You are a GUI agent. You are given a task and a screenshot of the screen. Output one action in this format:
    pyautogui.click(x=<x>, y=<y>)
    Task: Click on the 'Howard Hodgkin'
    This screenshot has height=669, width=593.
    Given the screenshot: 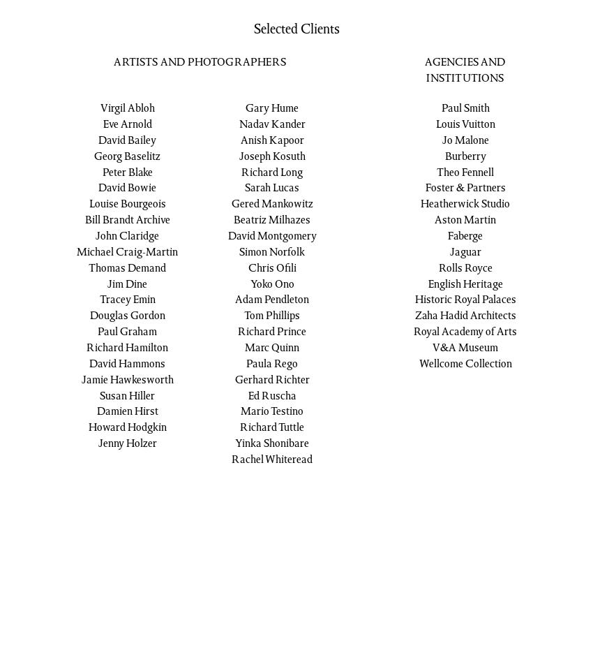 What is the action you would take?
    pyautogui.click(x=126, y=428)
    